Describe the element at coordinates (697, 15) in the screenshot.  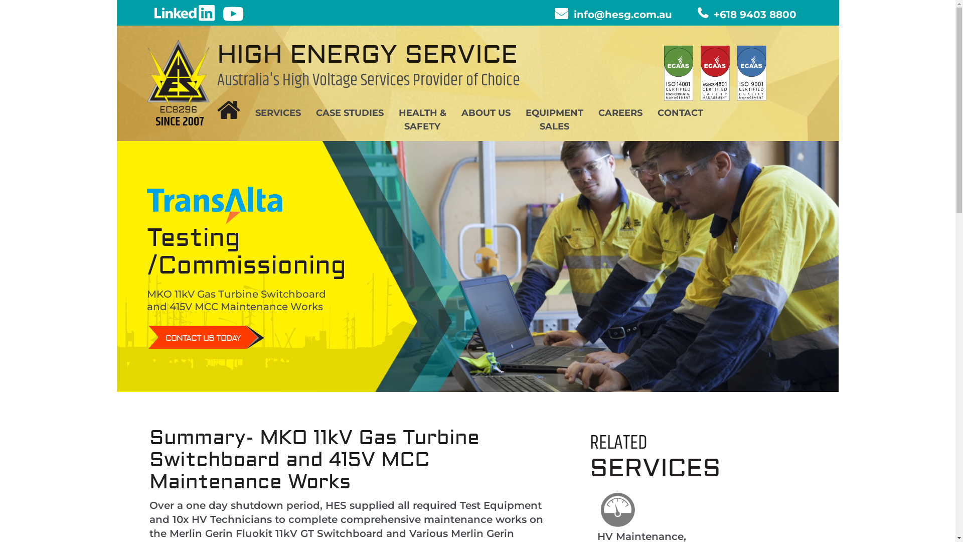
I see `'+618 9403 8800'` at that location.